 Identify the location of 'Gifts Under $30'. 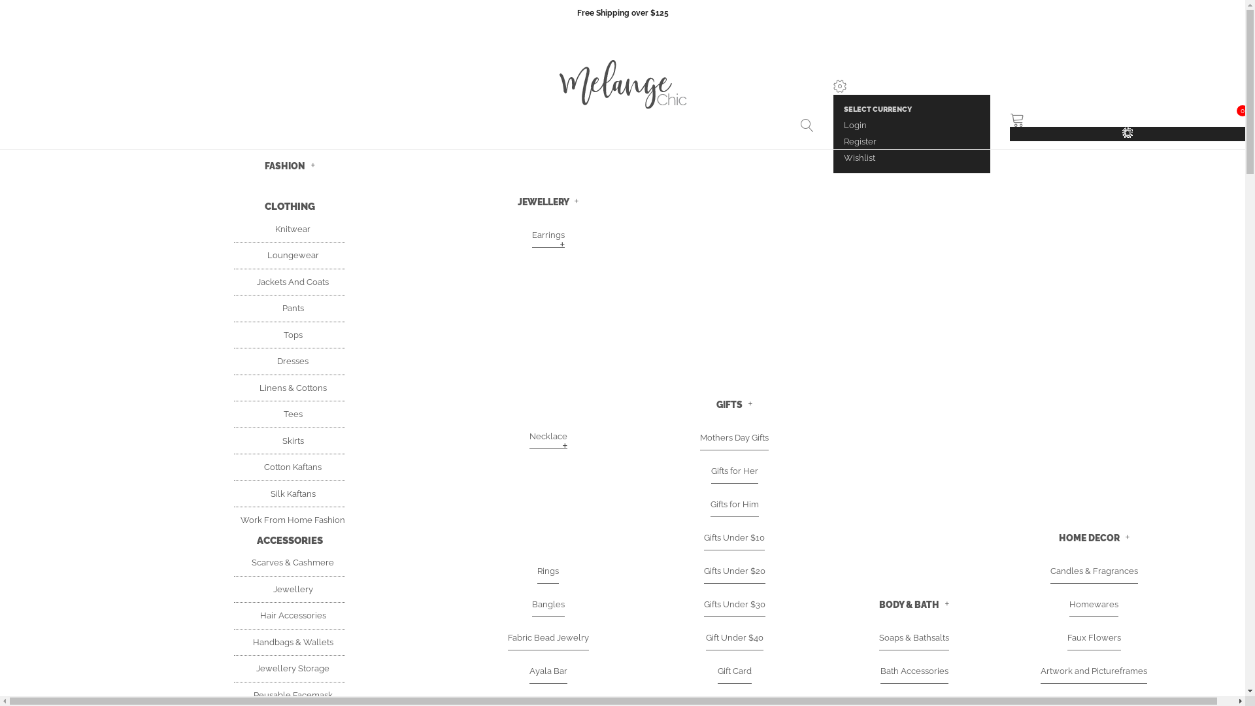
(734, 605).